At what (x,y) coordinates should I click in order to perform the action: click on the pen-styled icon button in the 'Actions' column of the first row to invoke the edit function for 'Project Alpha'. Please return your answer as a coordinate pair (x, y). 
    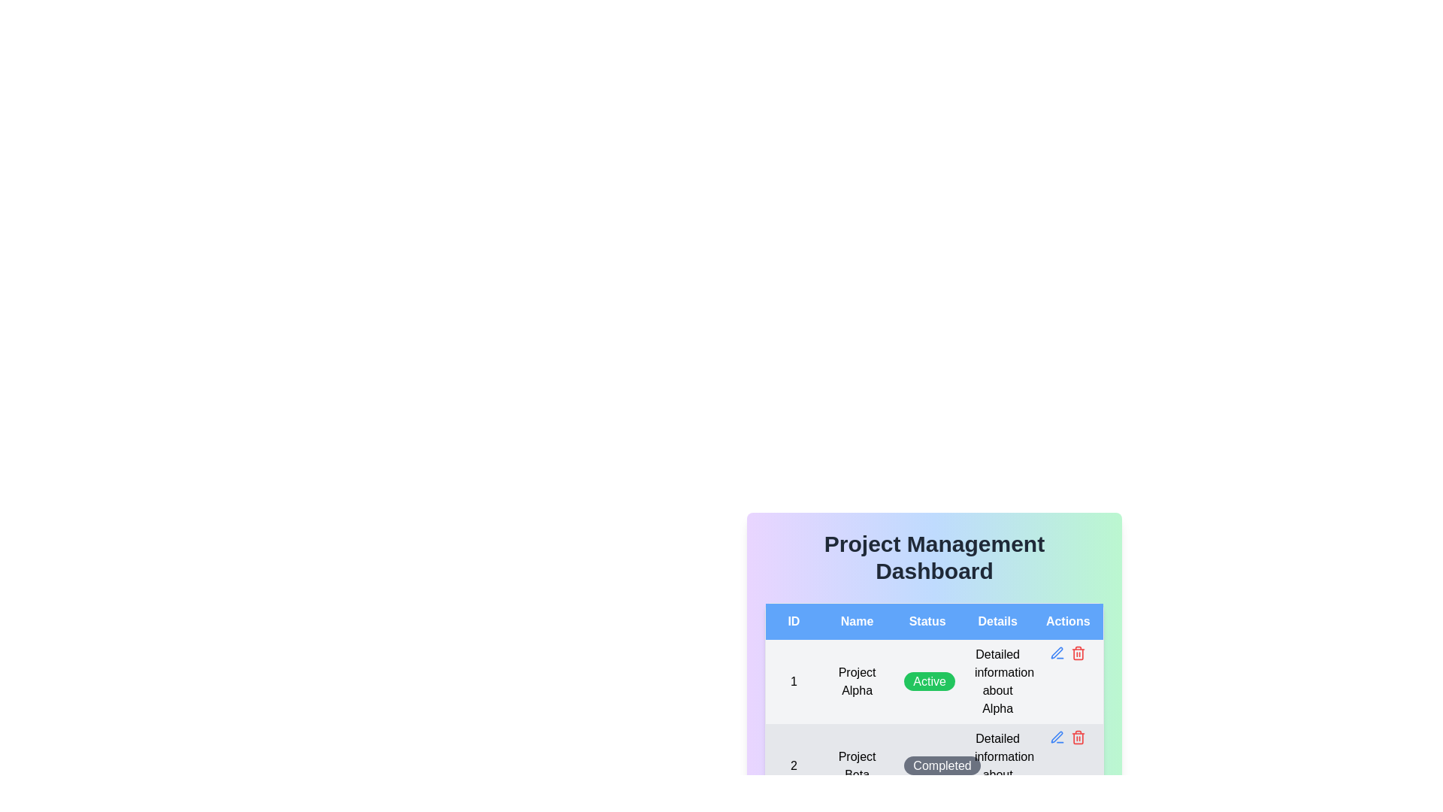
    Looking at the image, I should click on (1057, 736).